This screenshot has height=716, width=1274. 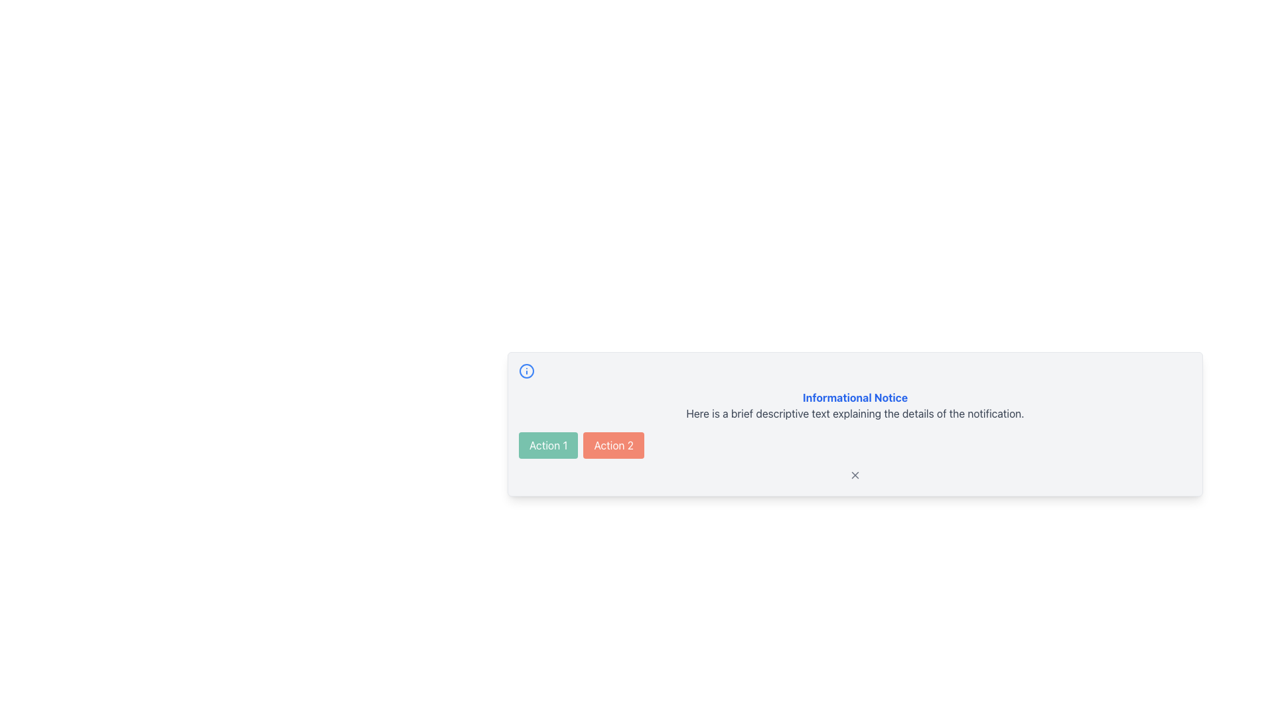 What do you see at coordinates (526, 371) in the screenshot?
I see `the Vector Graphic Element (Circle) that is part of the informational notification icon aligned with the title 'Informational Notice'` at bounding box center [526, 371].